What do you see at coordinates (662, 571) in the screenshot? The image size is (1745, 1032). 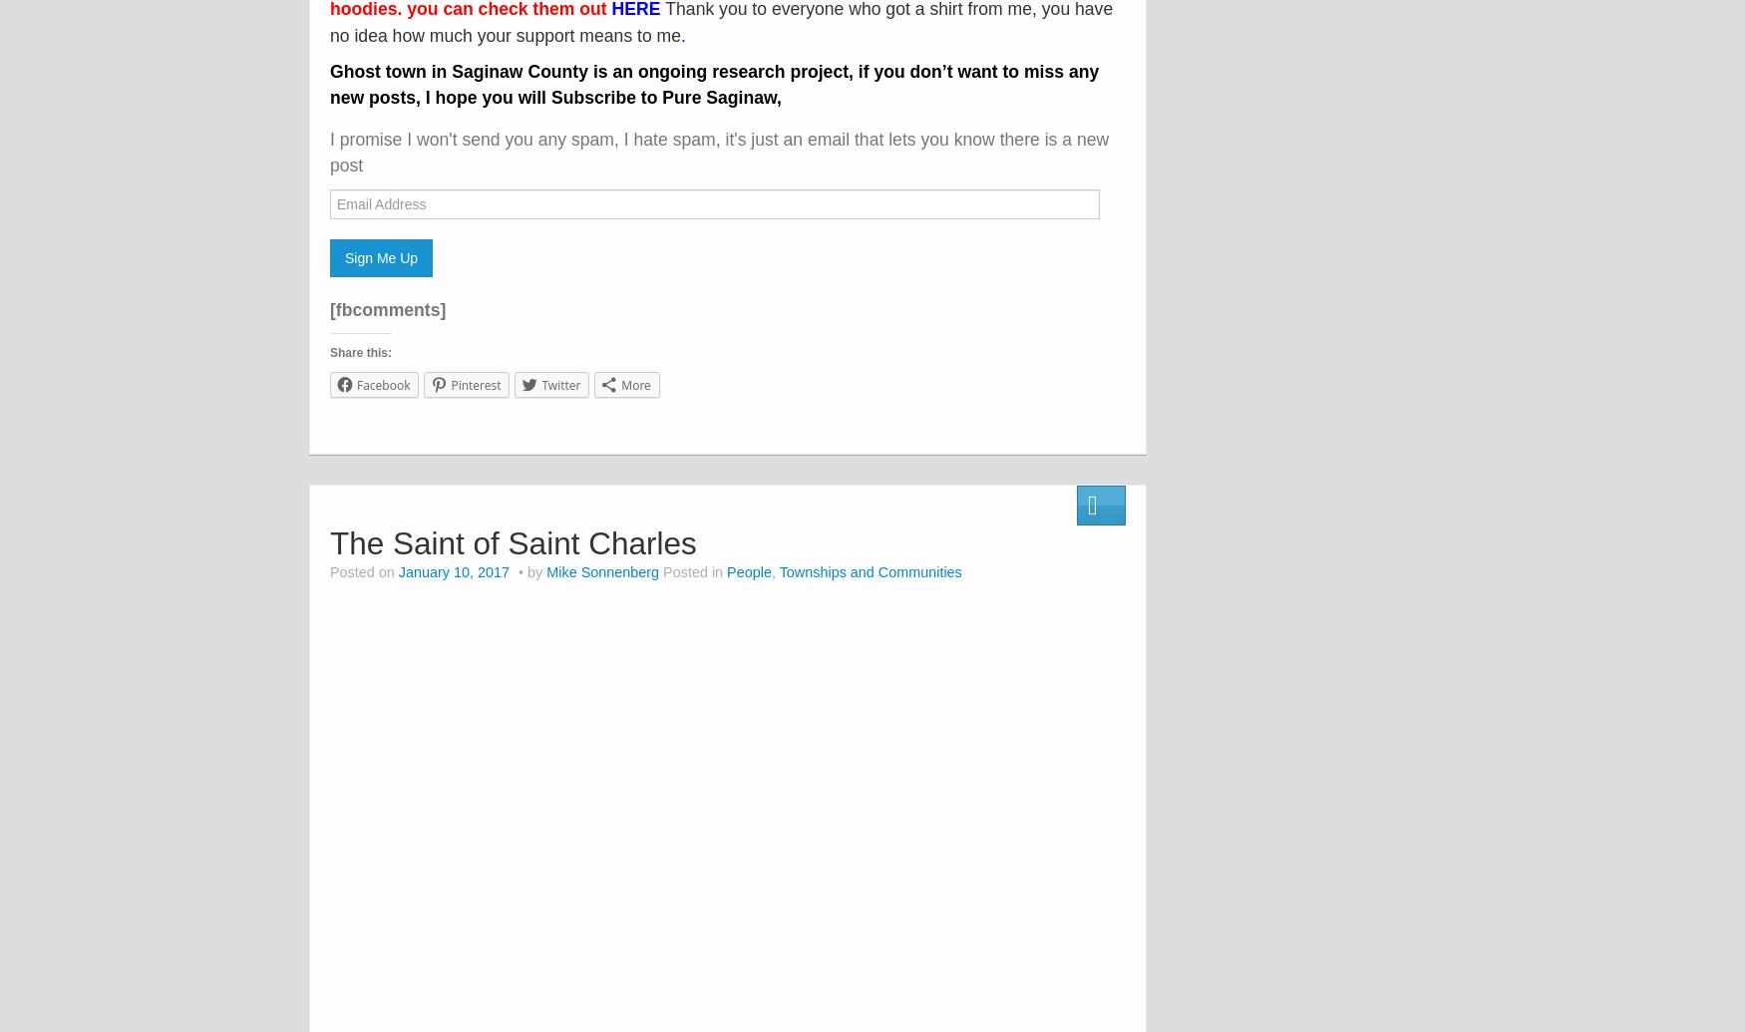 I see `'Posted in'` at bounding box center [662, 571].